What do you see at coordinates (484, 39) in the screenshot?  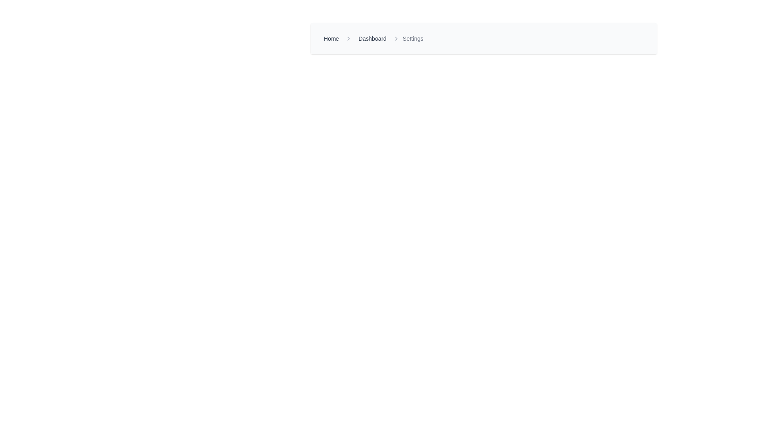 I see `the breadcrumb navigation component containing 'Home', 'Dashboard', and 'Settings'` at bounding box center [484, 39].